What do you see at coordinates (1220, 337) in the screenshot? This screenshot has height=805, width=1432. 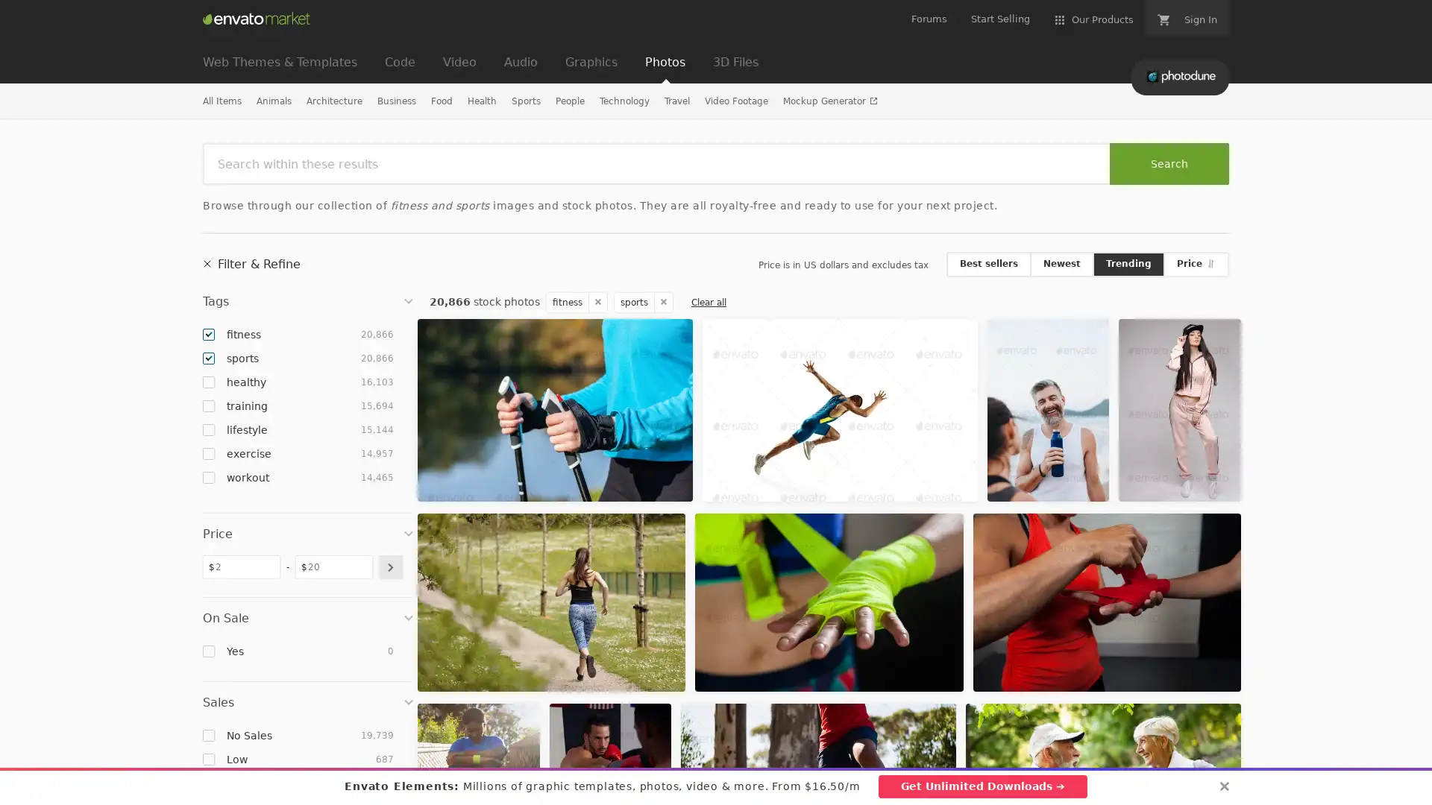 I see `Add to Favorites` at bounding box center [1220, 337].